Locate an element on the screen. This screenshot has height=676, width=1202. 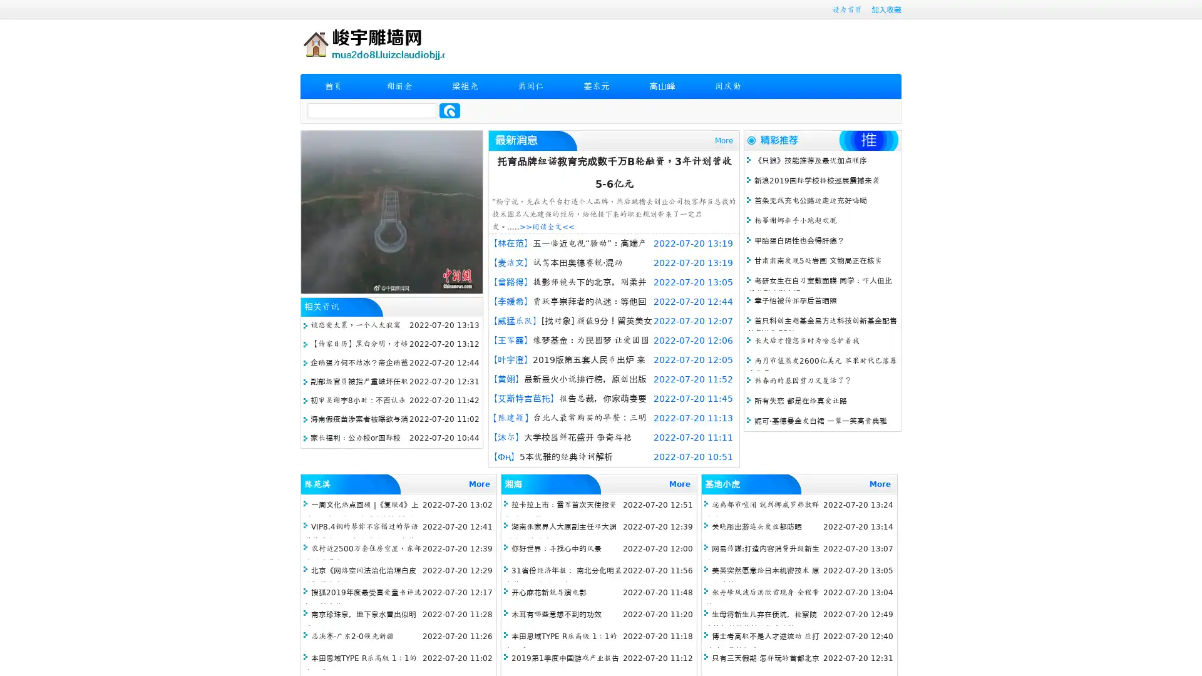
Search is located at coordinates (449, 110).